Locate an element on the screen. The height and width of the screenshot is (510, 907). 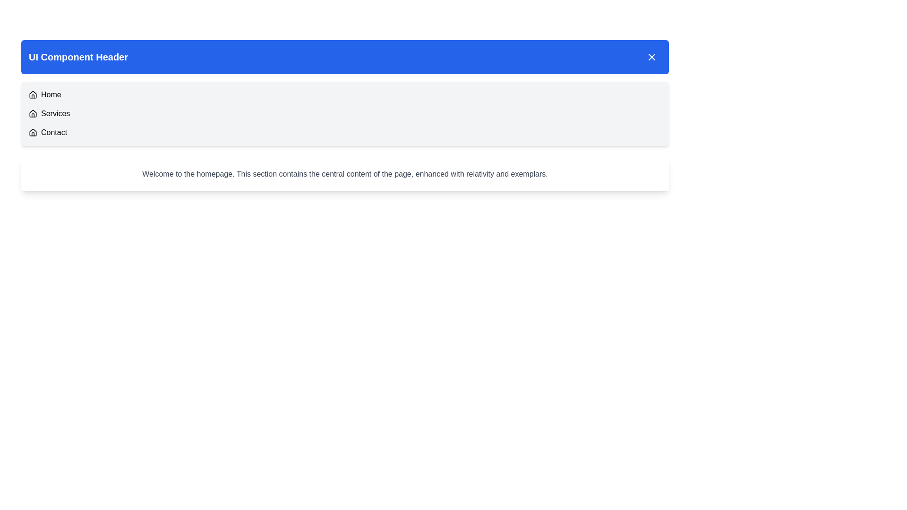
the 'Home' icon located at the top-left section of the interface, adjacent to the 'Home' text is located at coordinates (33, 94).